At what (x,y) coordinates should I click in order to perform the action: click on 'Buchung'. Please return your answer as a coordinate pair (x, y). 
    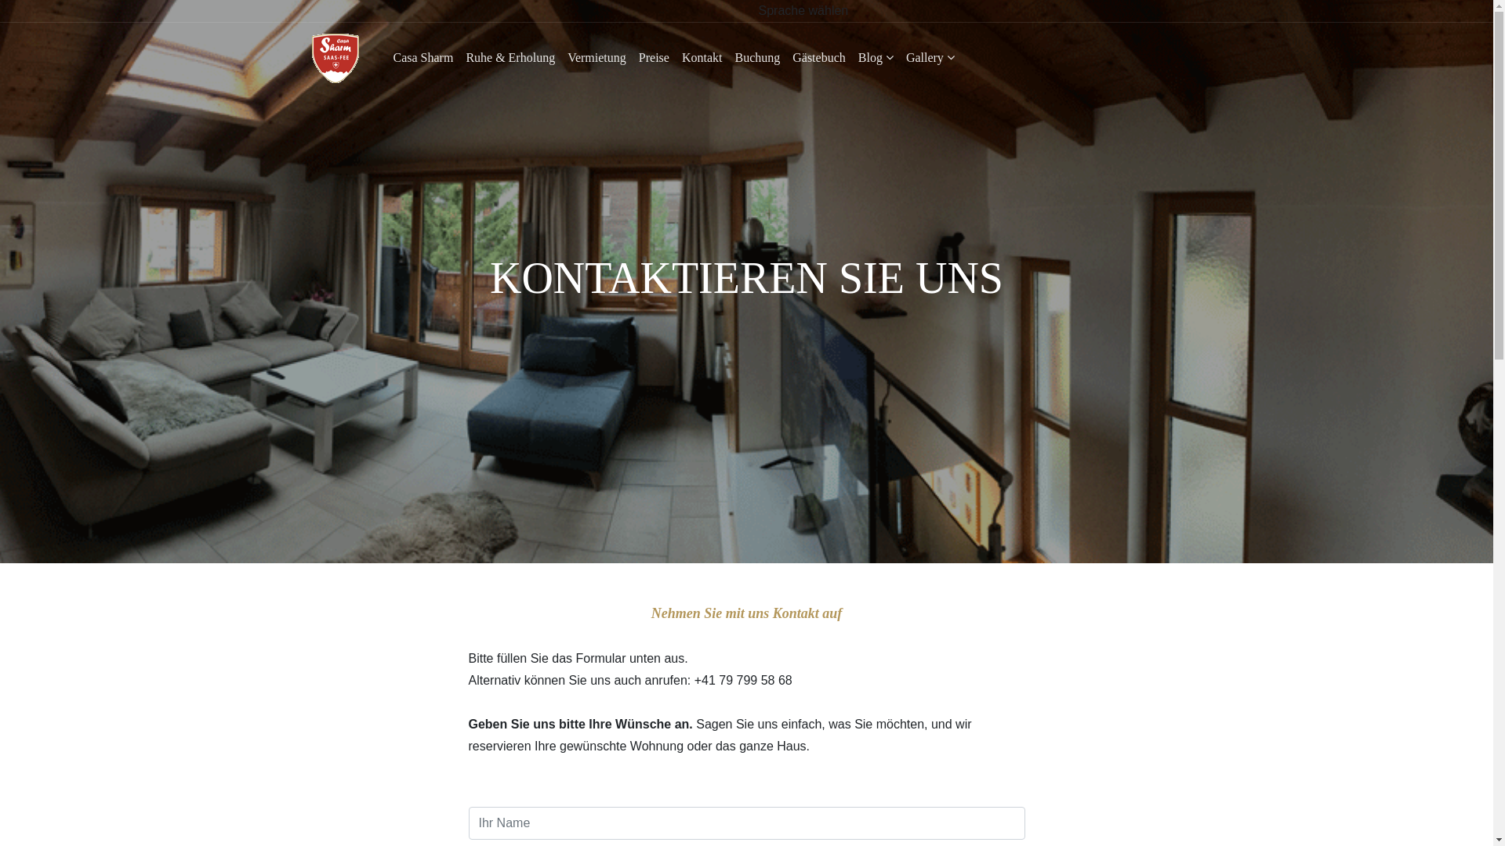
    Looking at the image, I should click on (756, 56).